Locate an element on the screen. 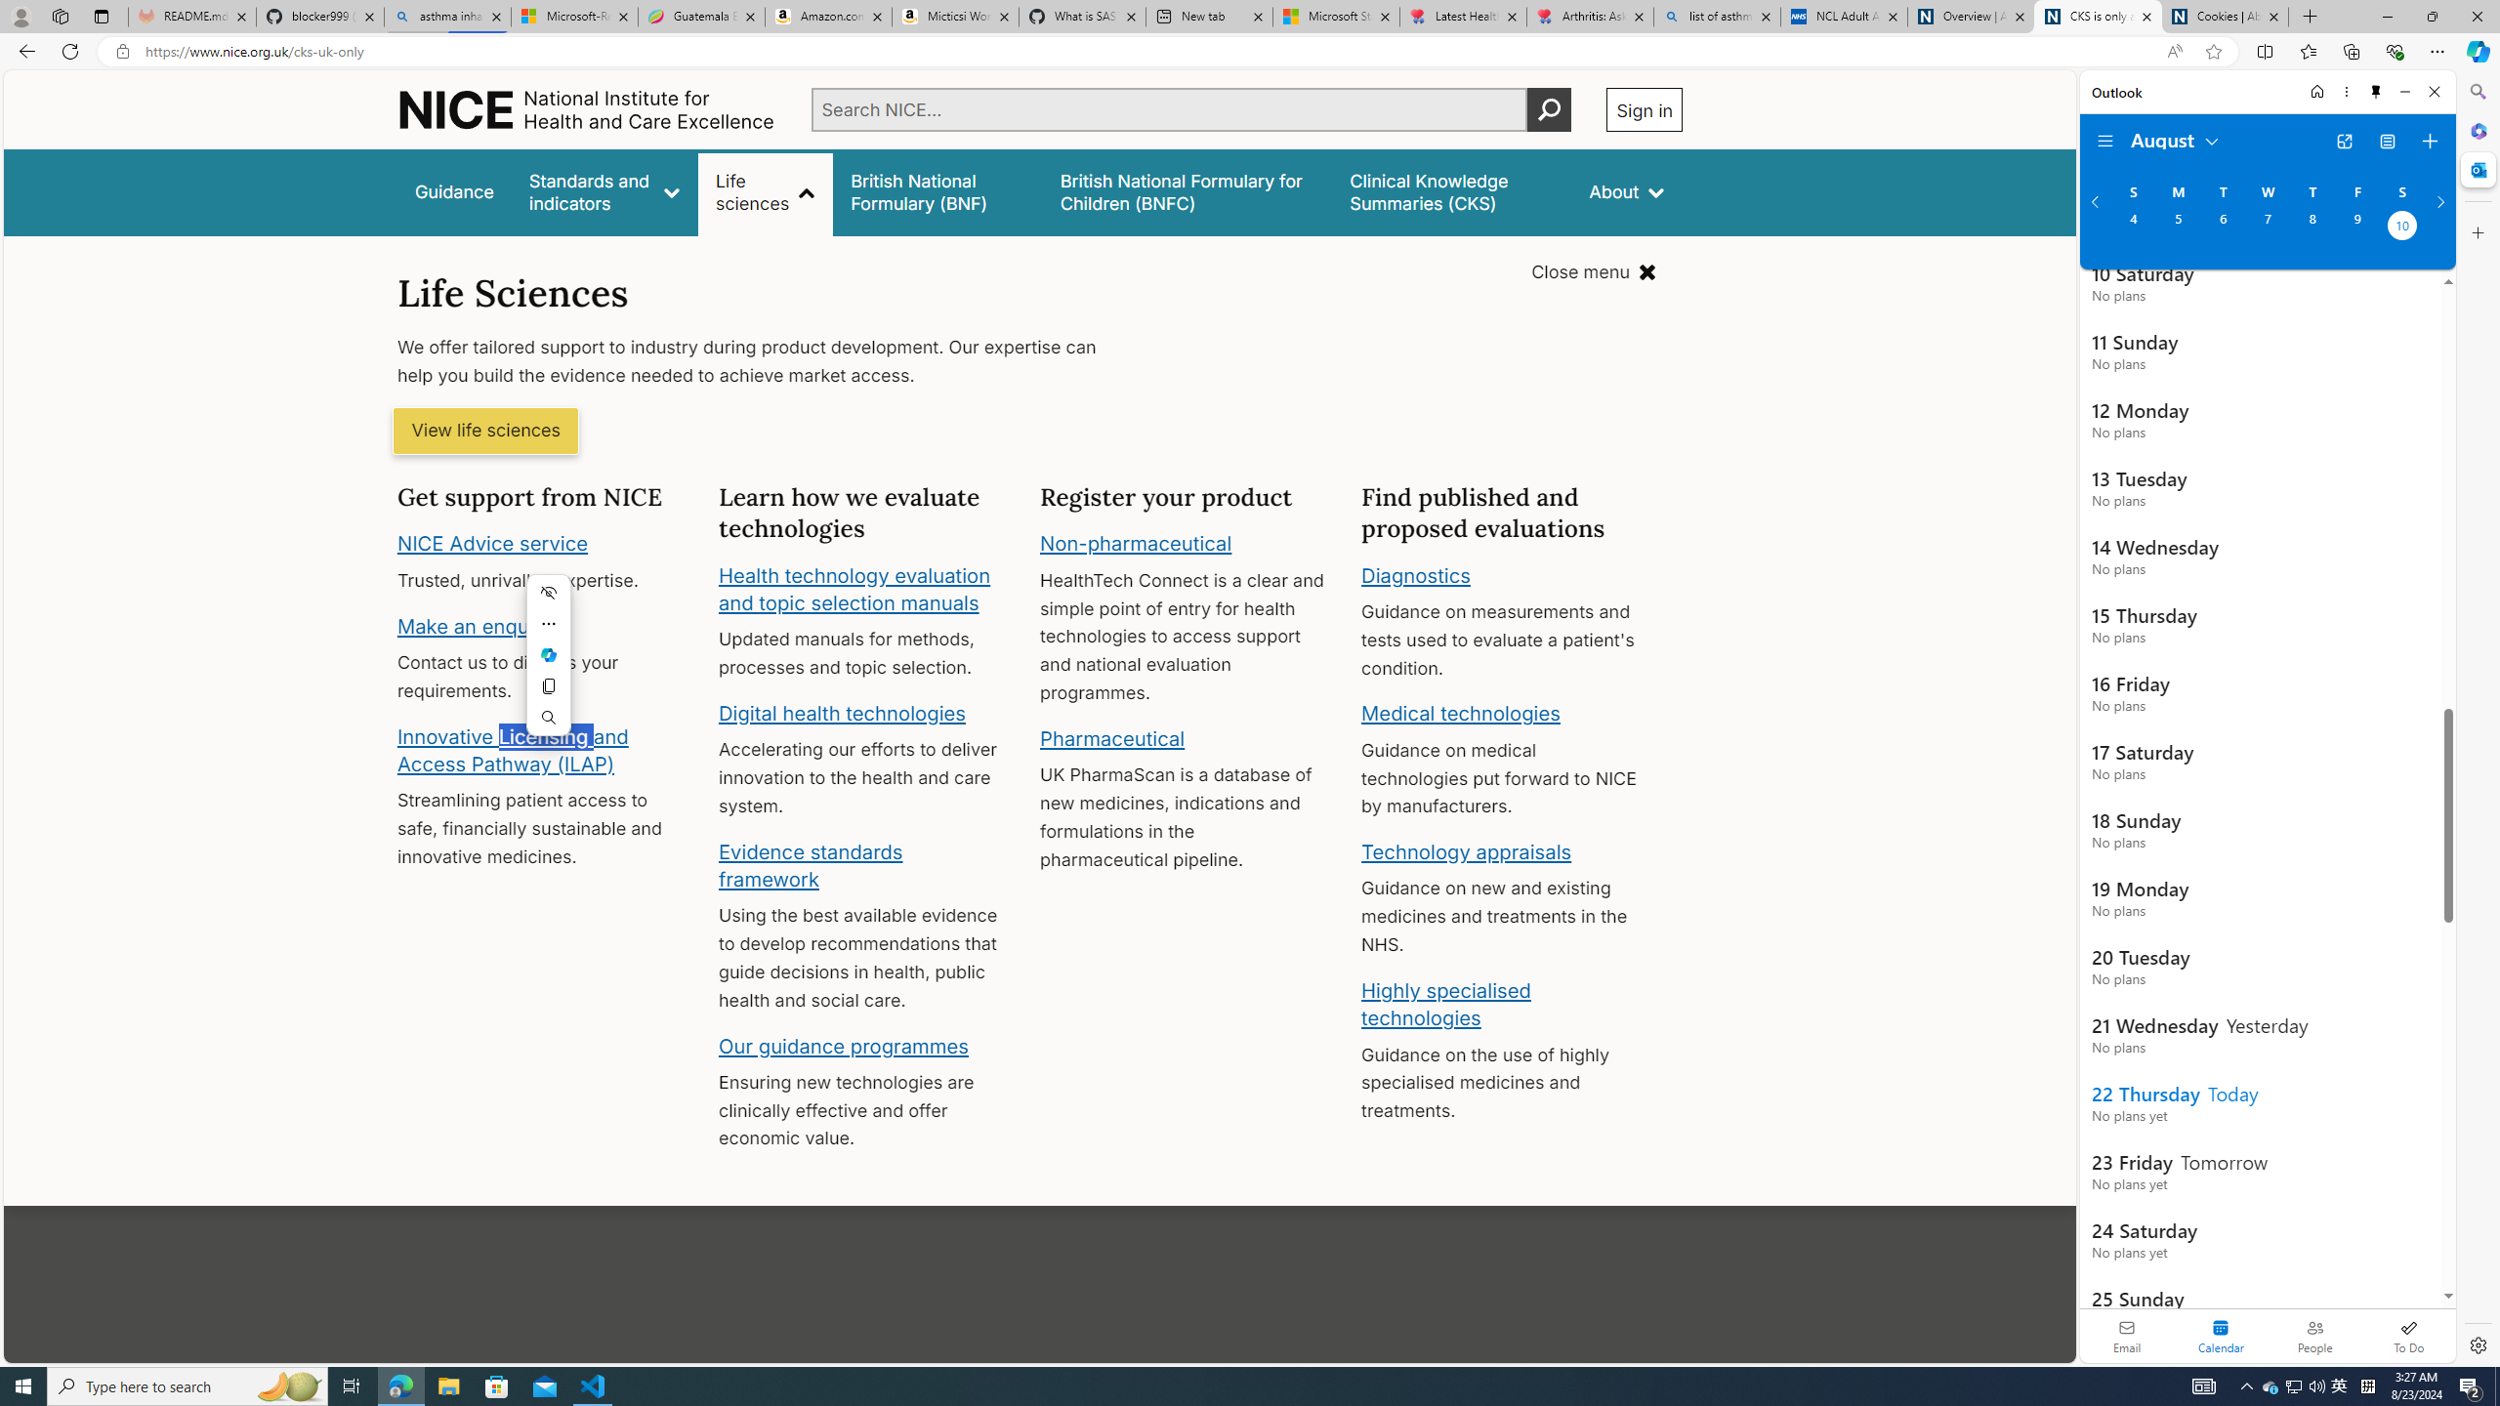 The height and width of the screenshot is (1406, 2500). 'Make an enquiry' is located at coordinates (474, 624).